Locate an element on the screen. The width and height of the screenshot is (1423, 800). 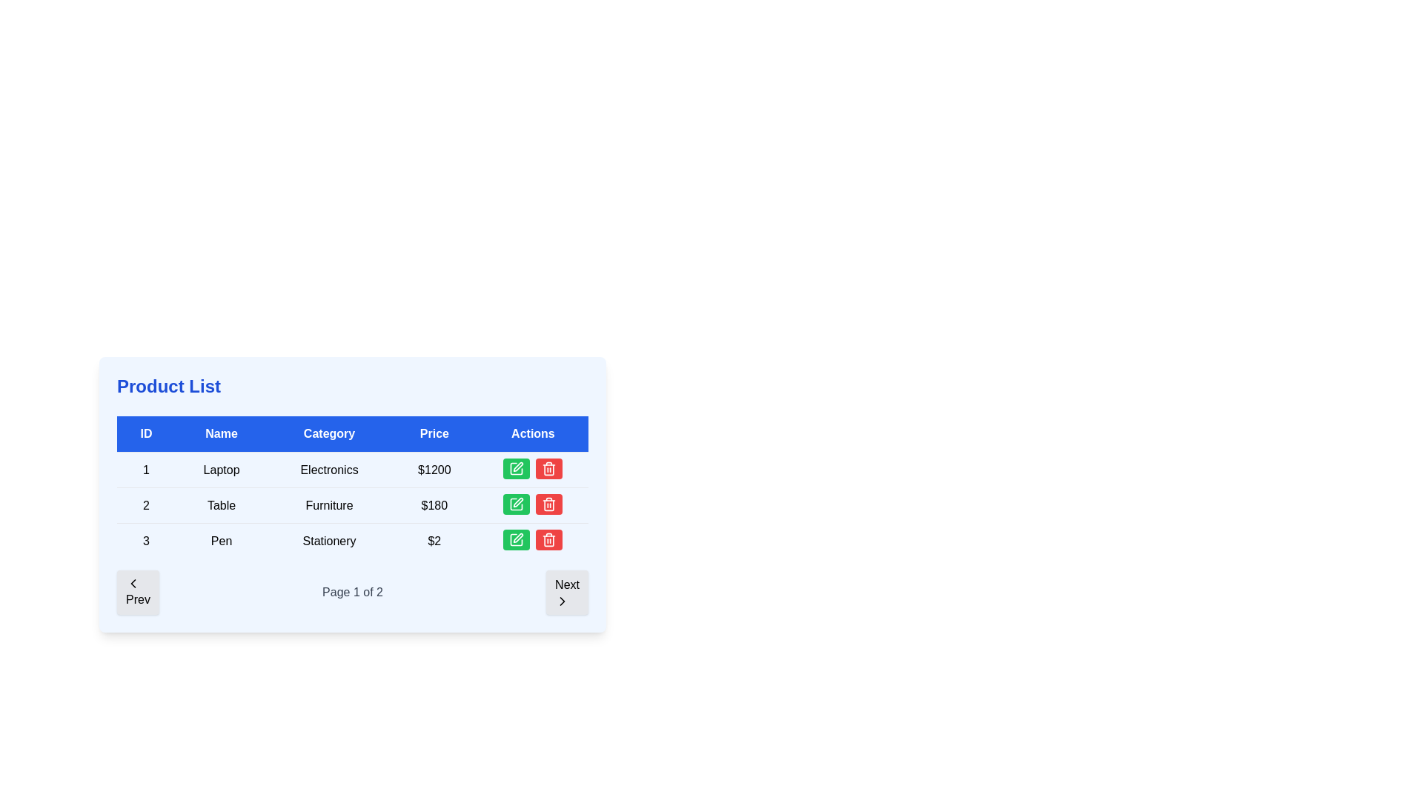
the Text Label displaying 'Pen' located in the third row of a table under the 'Name' column is located at coordinates (221, 541).